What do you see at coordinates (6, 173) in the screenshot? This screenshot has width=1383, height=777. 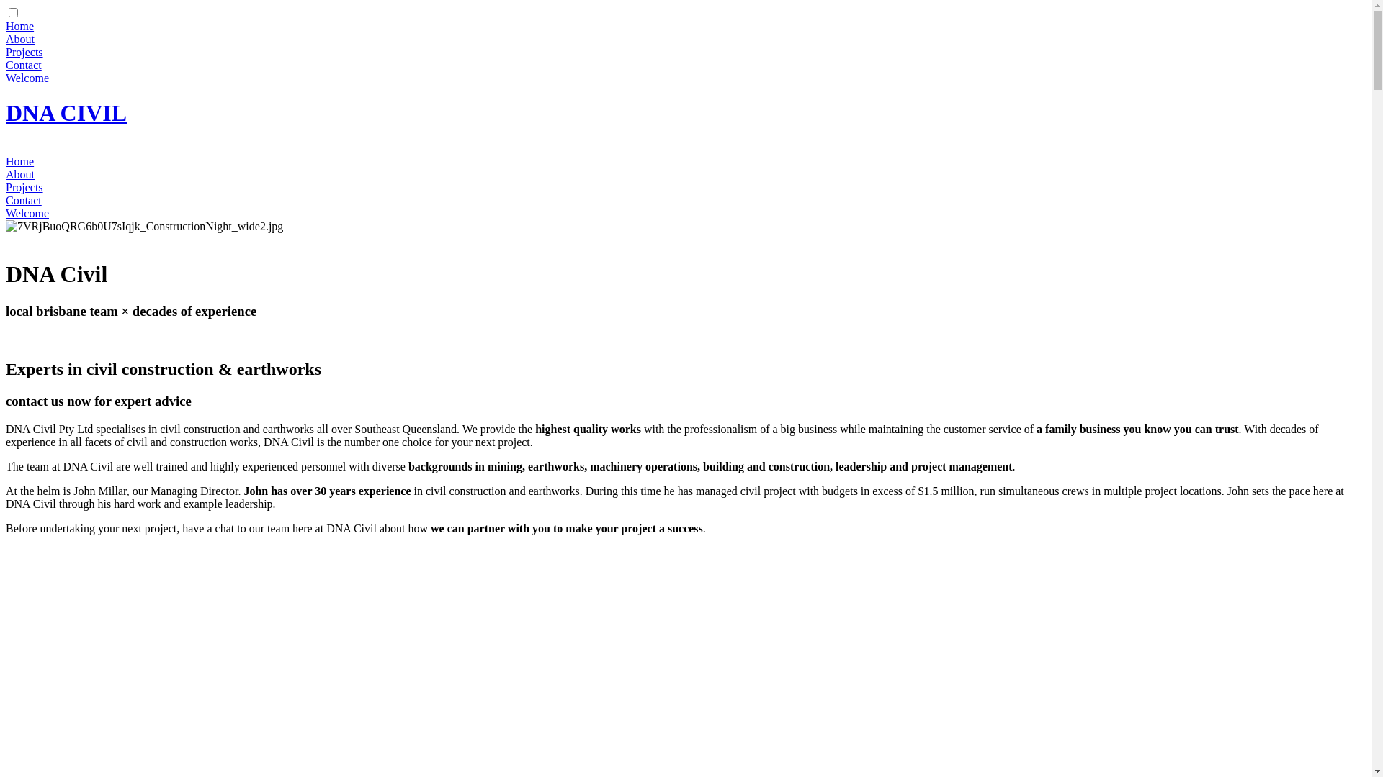 I see `'About'` at bounding box center [6, 173].